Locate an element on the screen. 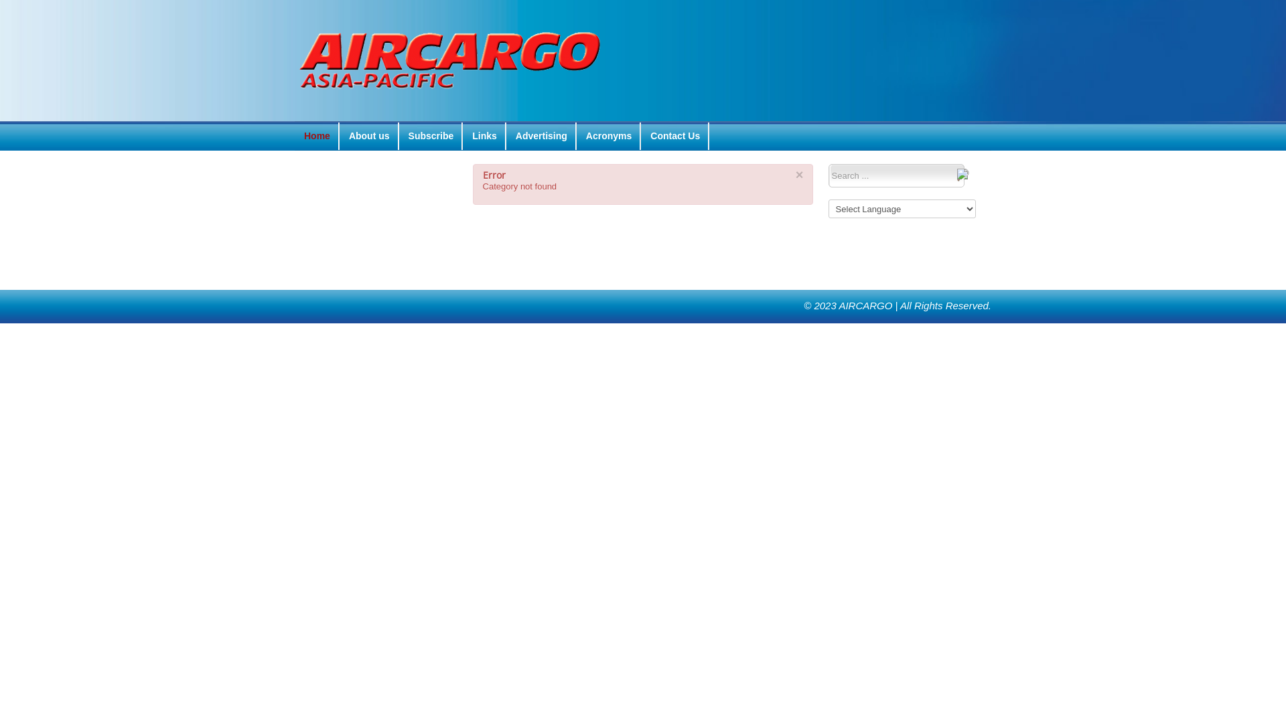  'Acronyms' is located at coordinates (576, 136).